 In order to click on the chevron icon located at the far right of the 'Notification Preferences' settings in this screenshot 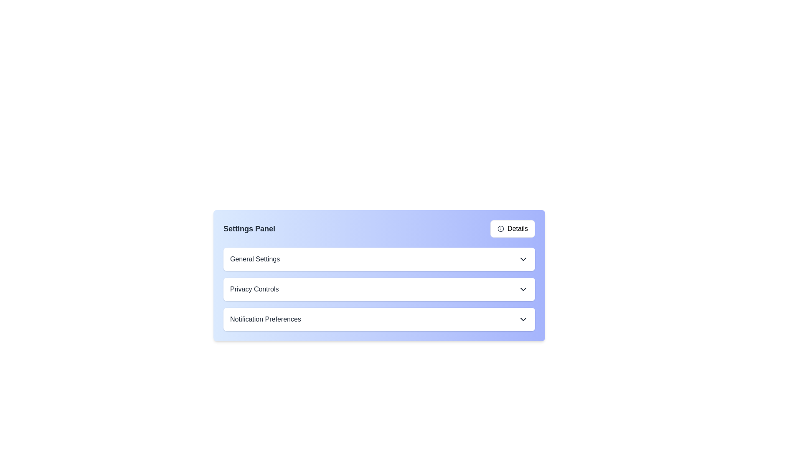, I will do `click(523, 319)`.